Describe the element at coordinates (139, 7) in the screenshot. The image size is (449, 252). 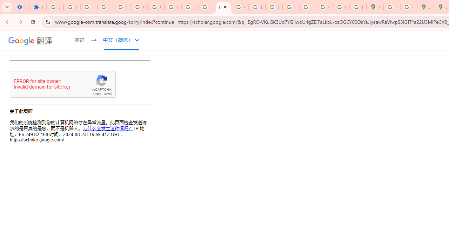
I see `'Google Account Help'` at that location.